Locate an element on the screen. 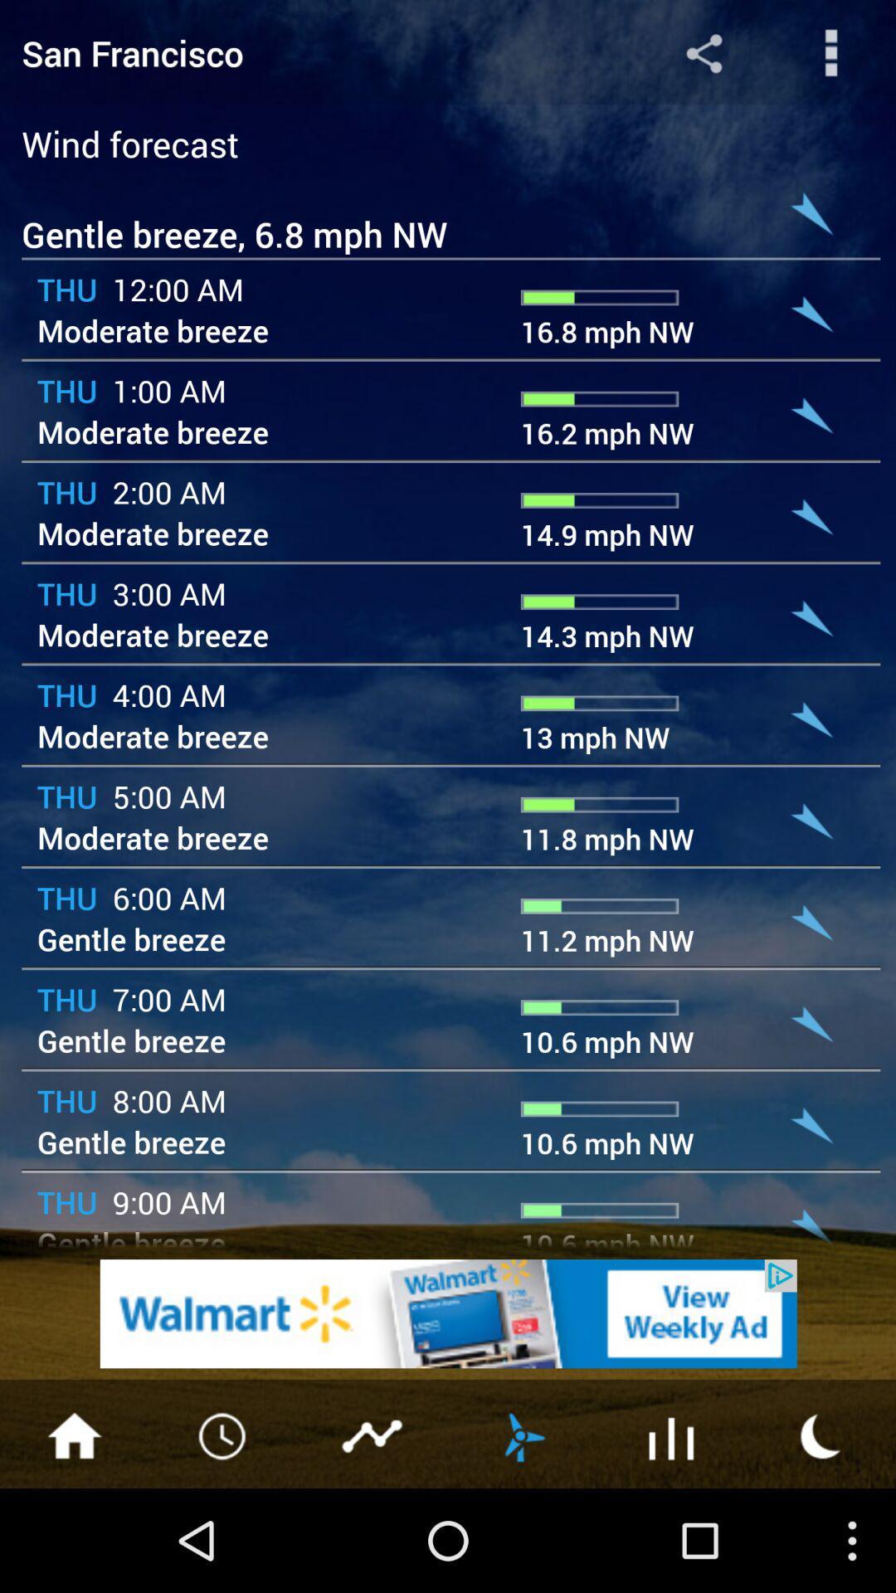 This screenshot has width=896, height=1593. the weather icon is located at coordinates (821, 1534).